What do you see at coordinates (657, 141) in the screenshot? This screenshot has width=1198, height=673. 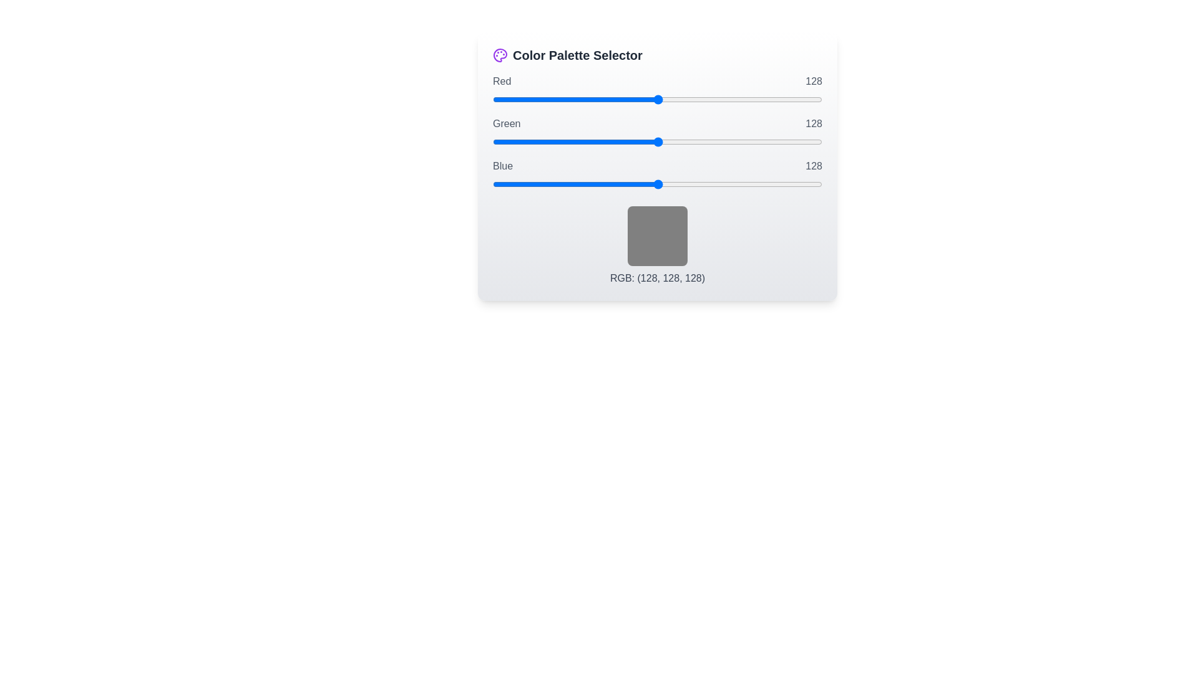 I see `the 1 slider to 163 to observe the color preview box update` at bounding box center [657, 141].